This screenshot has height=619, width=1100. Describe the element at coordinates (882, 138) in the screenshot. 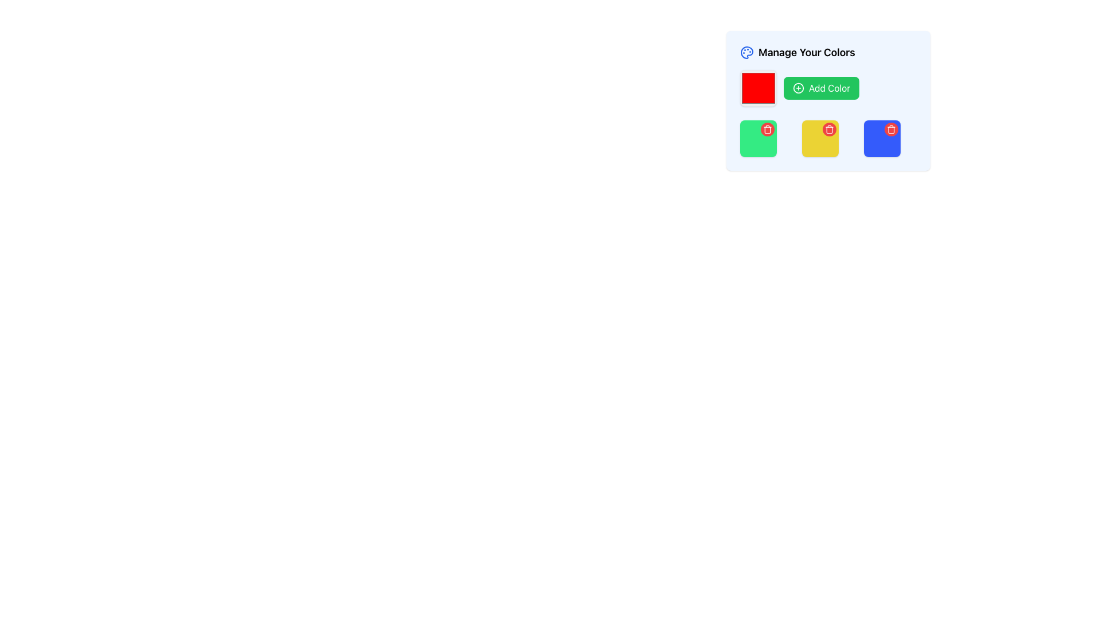

I see `the blue color tile with an interactive delete button` at that location.